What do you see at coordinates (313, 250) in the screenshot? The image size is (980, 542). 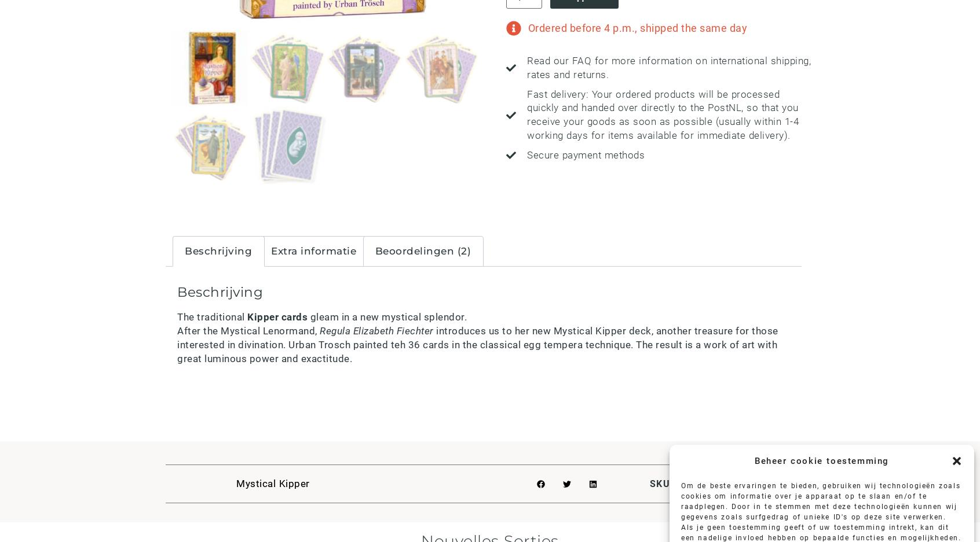 I see `'Extra informatie'` at bounding box center [313, 250].